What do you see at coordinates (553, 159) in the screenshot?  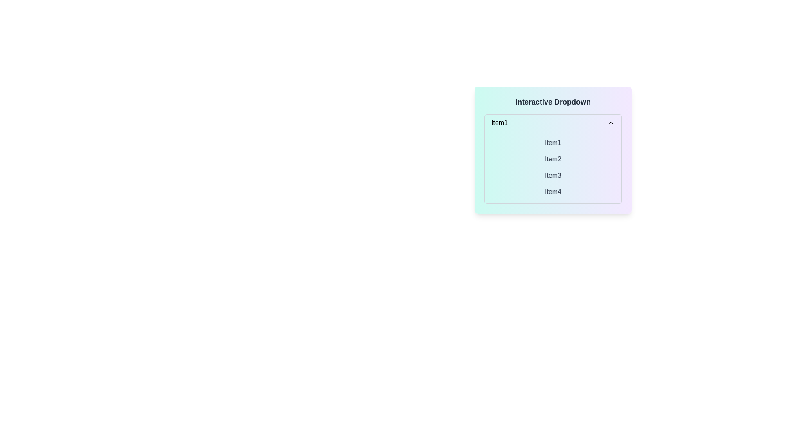 I see `the selectable dropdown item labeled 'Item2' in the dropdown menu under the heading 'Interactive Dropdown'` at bounding box center [553, 159].